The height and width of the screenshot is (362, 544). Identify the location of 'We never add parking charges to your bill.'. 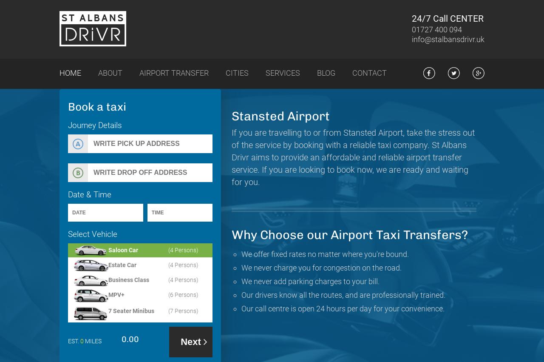
(309, 281).